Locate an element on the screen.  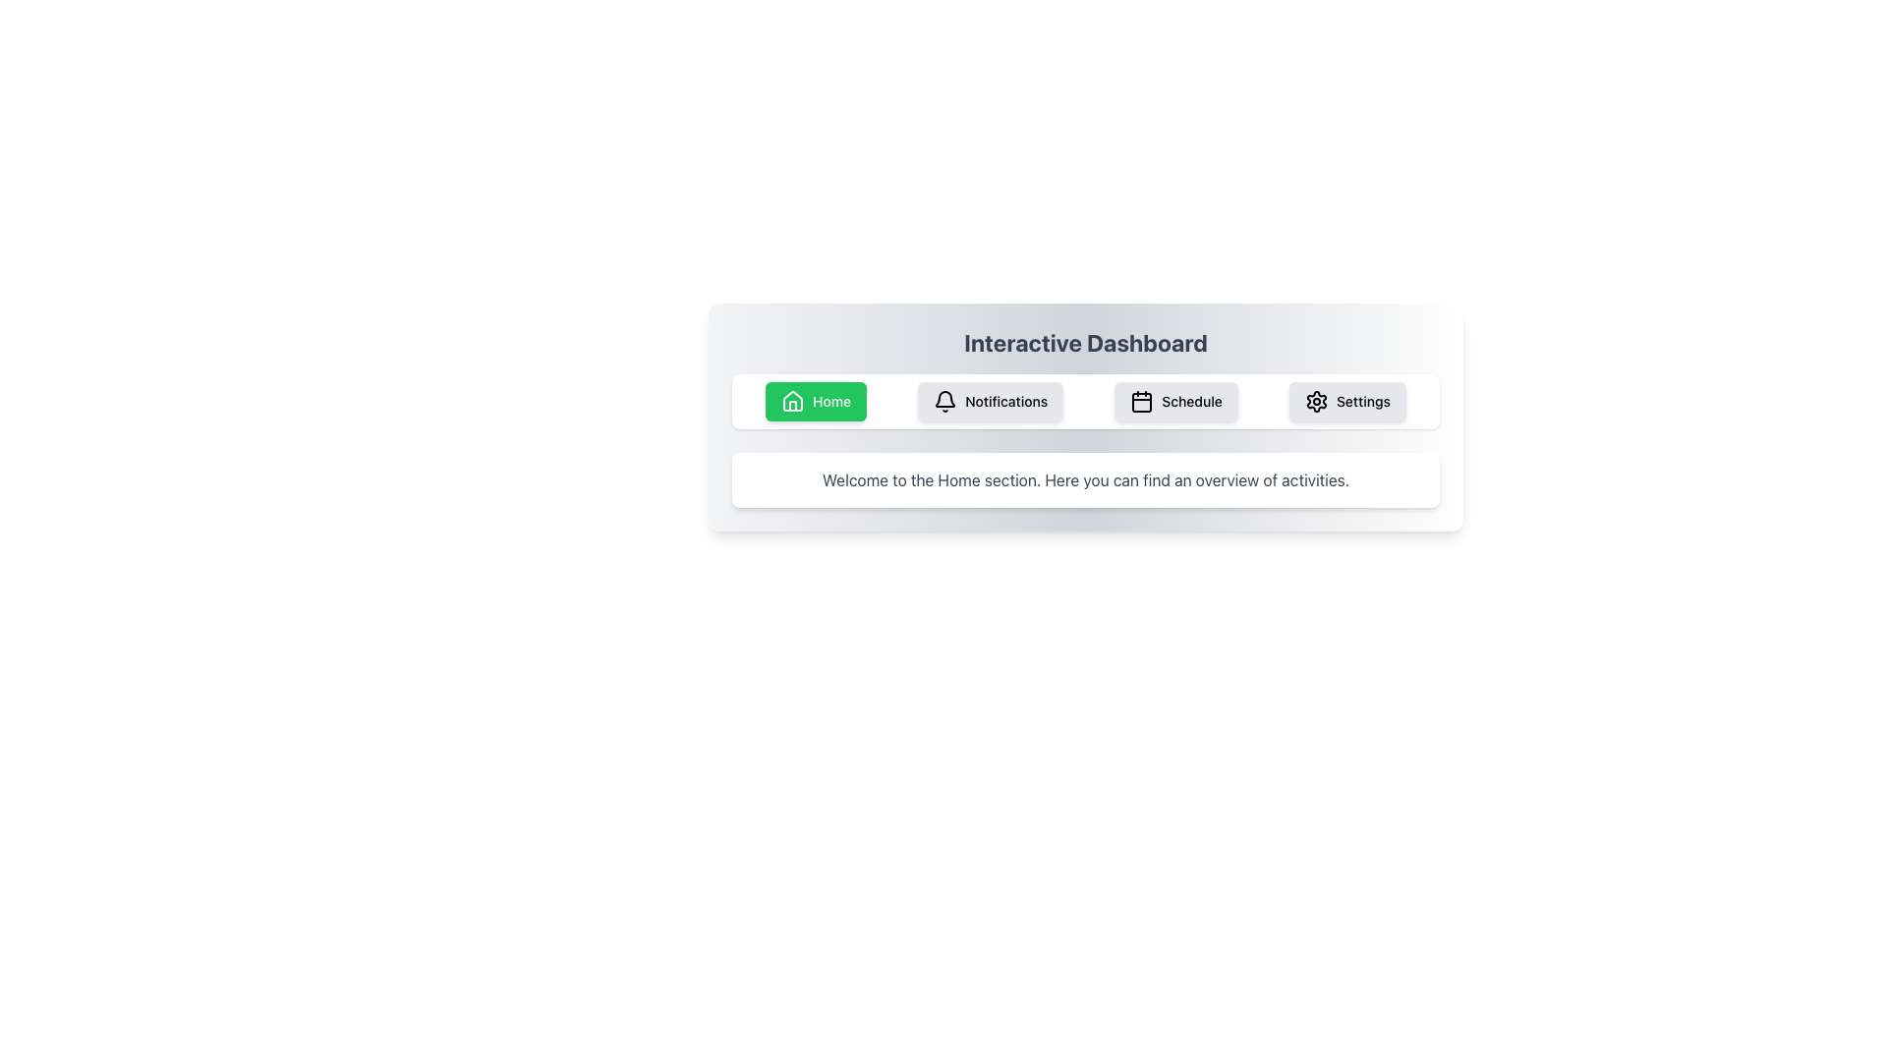
the house icon's door subcomponent located within the 'Home' button in the top navigation bar is located at coordinates (792, 405).